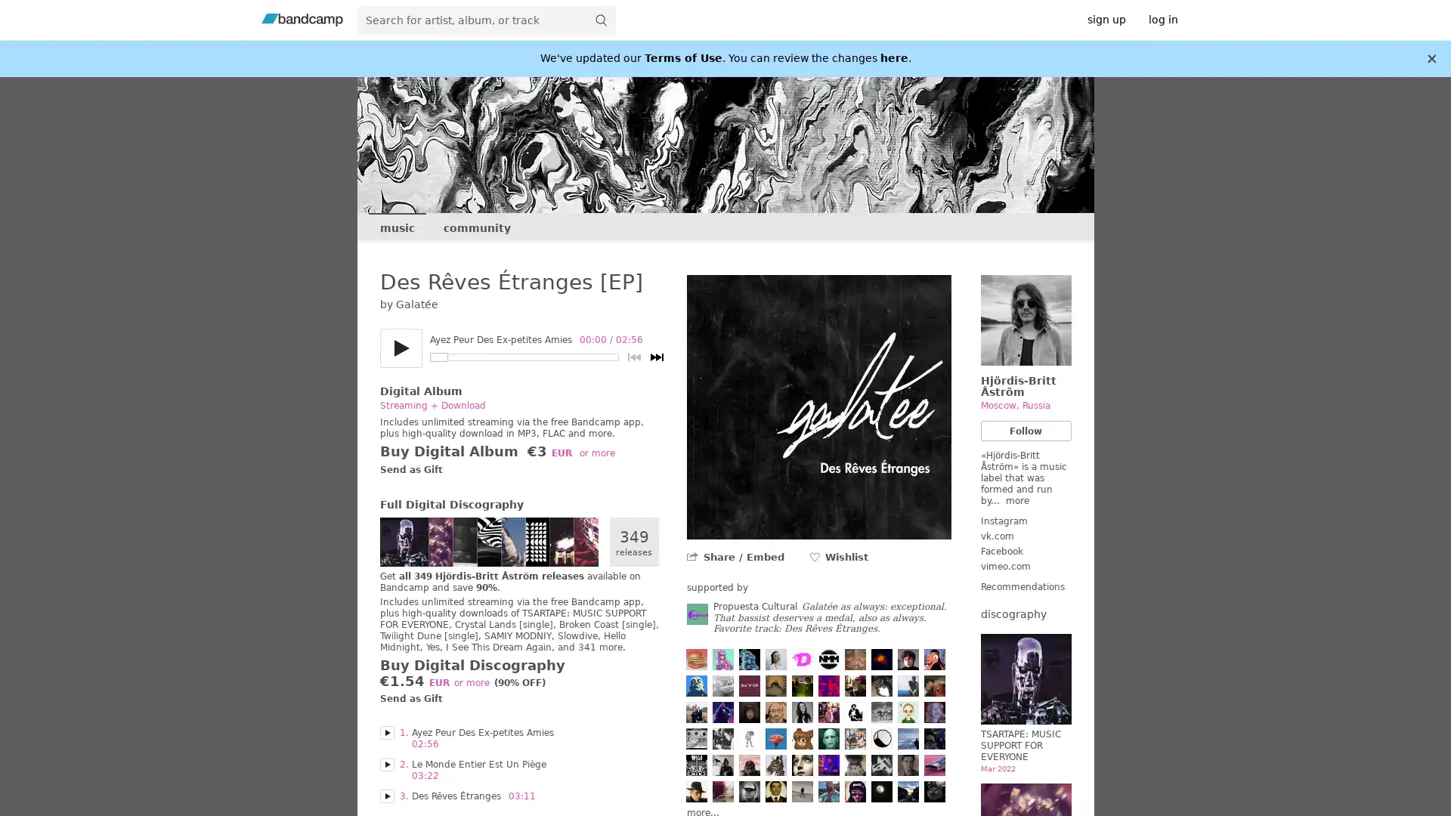  I want to click on submit for full search page, so click(600, 20).